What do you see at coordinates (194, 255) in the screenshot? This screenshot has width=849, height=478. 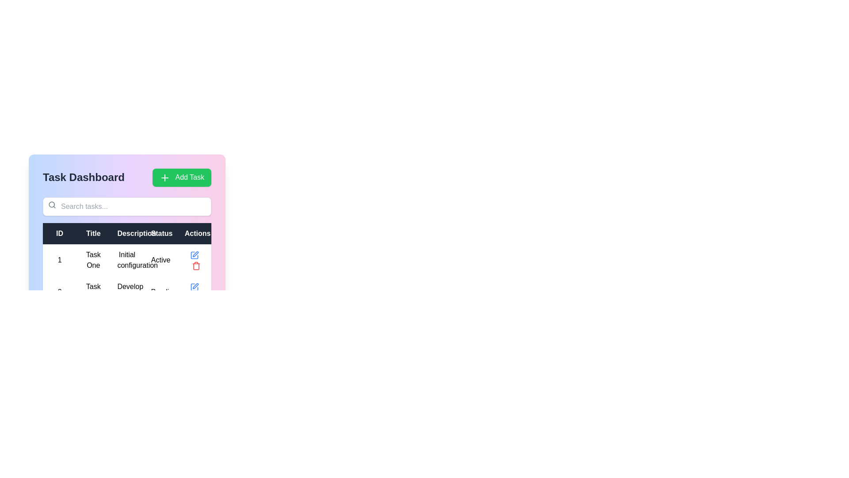 I see `the blue pen icon representing an edit action located in the 'Actions' column of the first row in the task table` at bounding box center [194, 255].